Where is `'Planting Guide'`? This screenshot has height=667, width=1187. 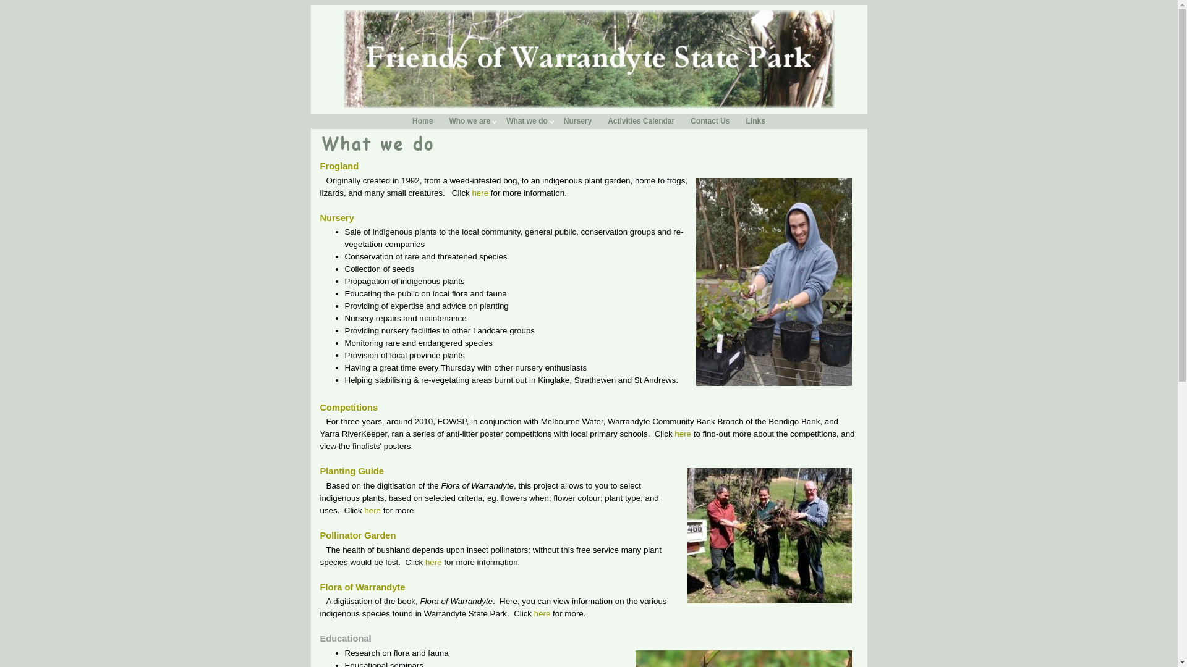 'Planting Guide' is located at coordinates (351, 471).